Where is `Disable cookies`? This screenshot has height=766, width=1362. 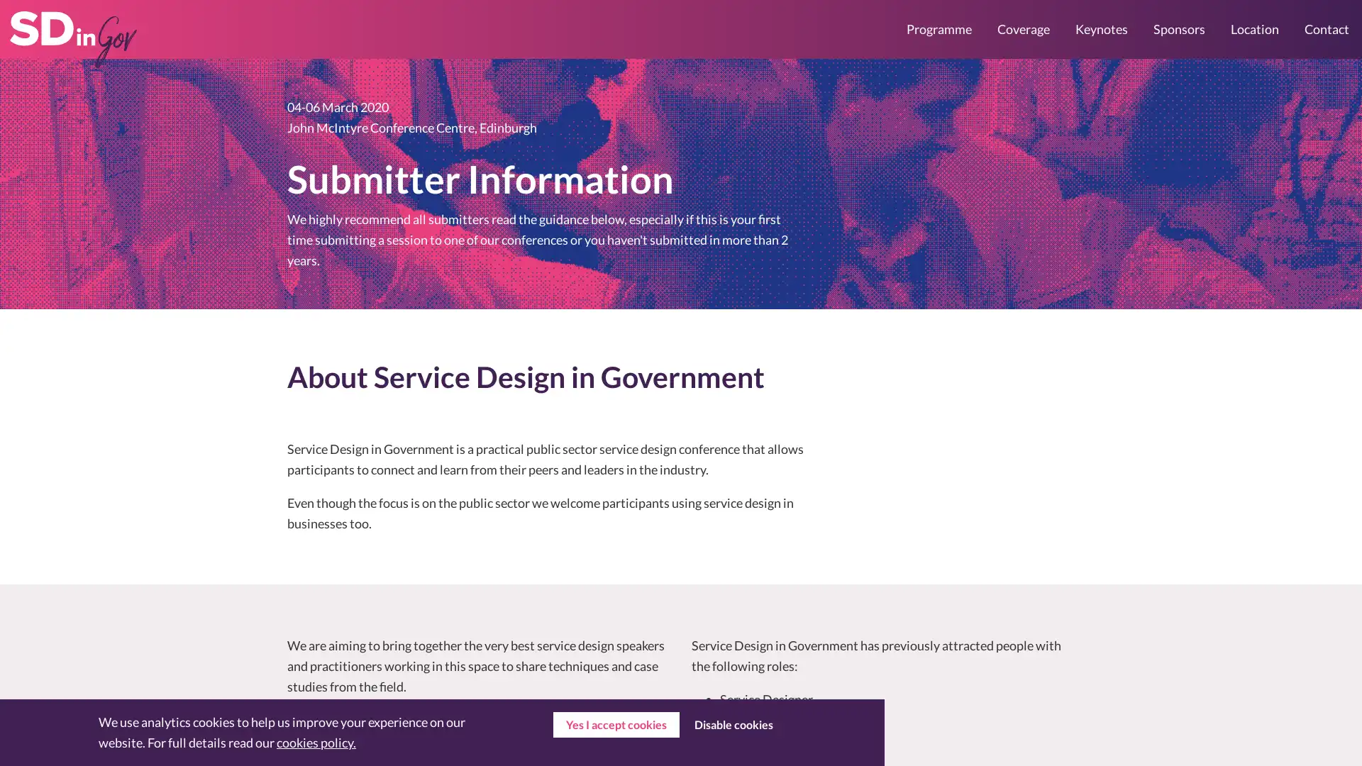
Disable cookies is located at coordinates (733, 725).